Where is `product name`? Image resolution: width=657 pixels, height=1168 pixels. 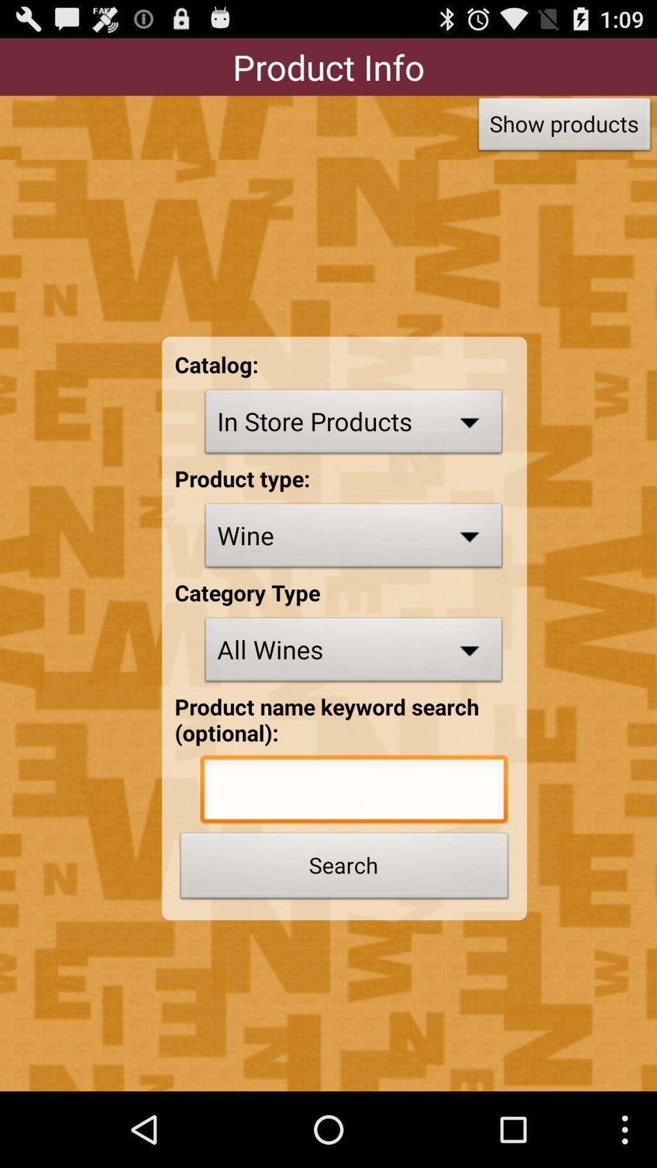
product name is located at coordinates (354, 792).